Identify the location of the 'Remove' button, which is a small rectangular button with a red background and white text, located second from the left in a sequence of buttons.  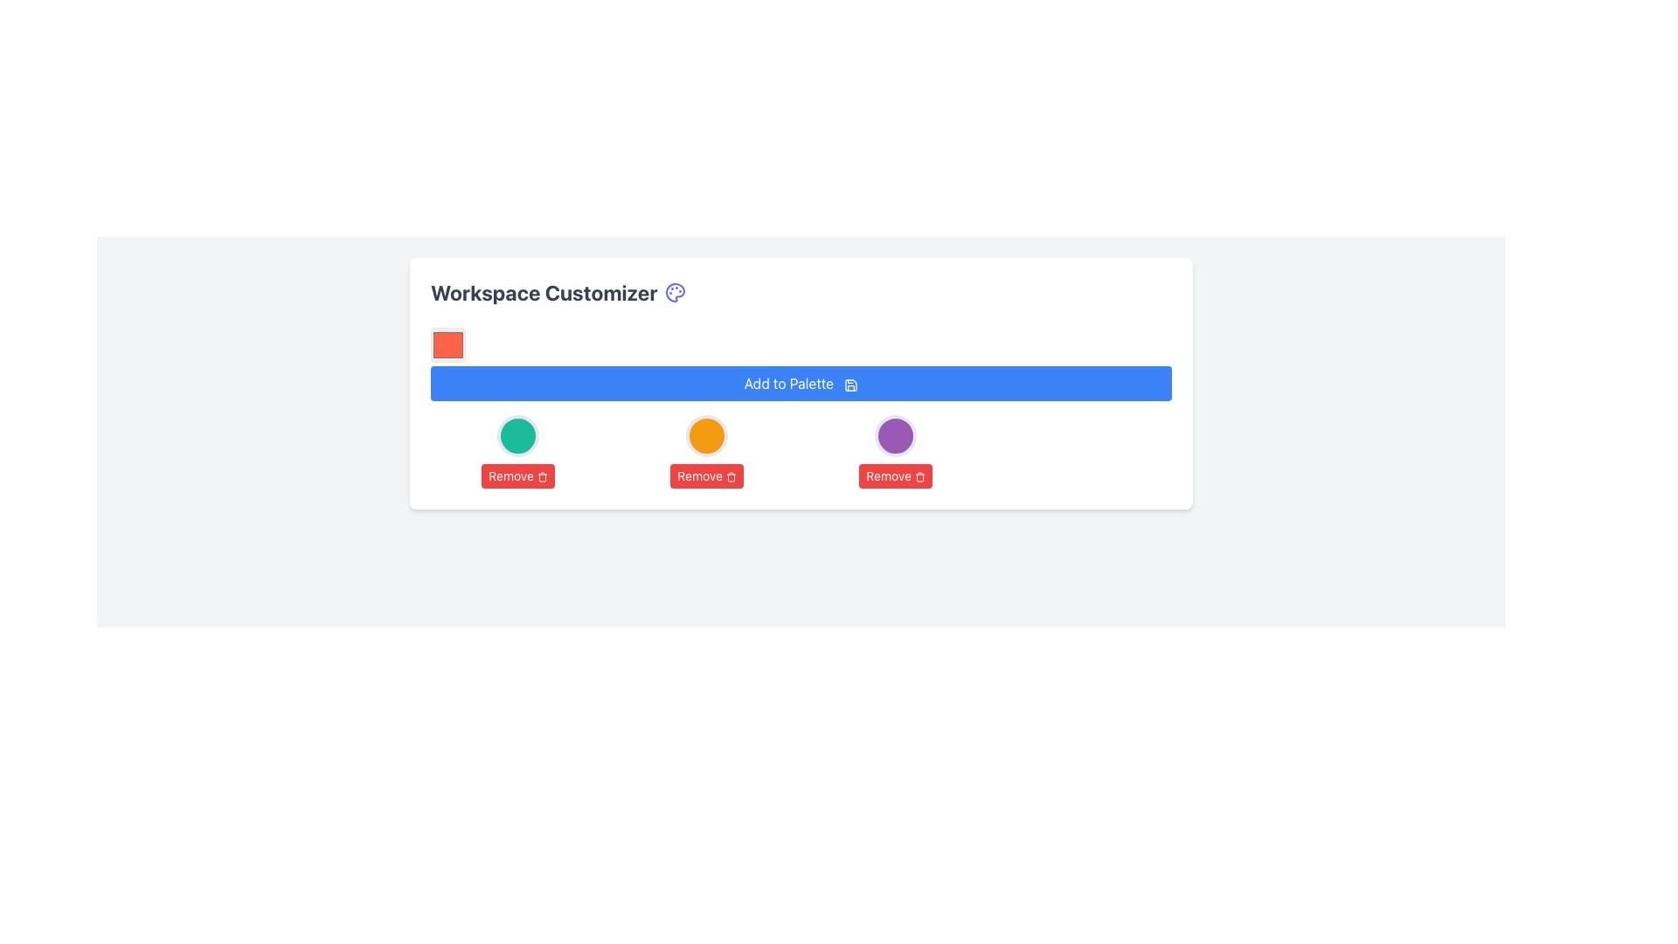
(706, 475).